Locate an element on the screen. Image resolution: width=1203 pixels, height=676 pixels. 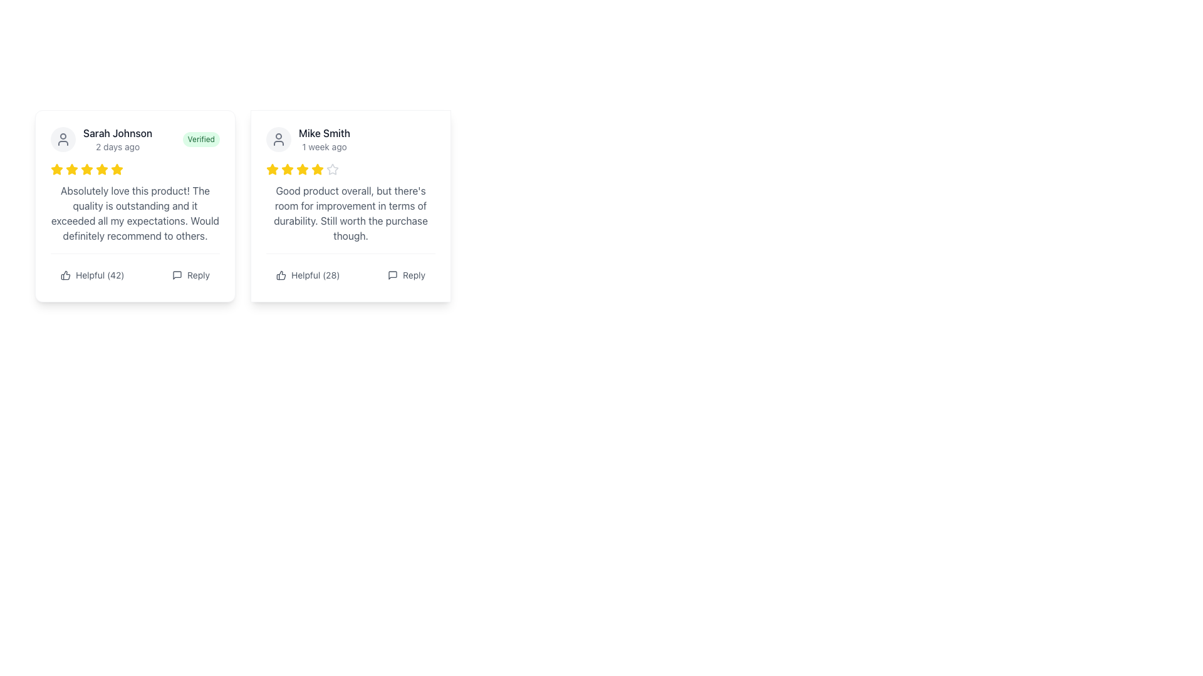
the 'like' or 'thumbs-up' icon located in the bottom-left section of the second user comment card is located at coordinates (280, 274).